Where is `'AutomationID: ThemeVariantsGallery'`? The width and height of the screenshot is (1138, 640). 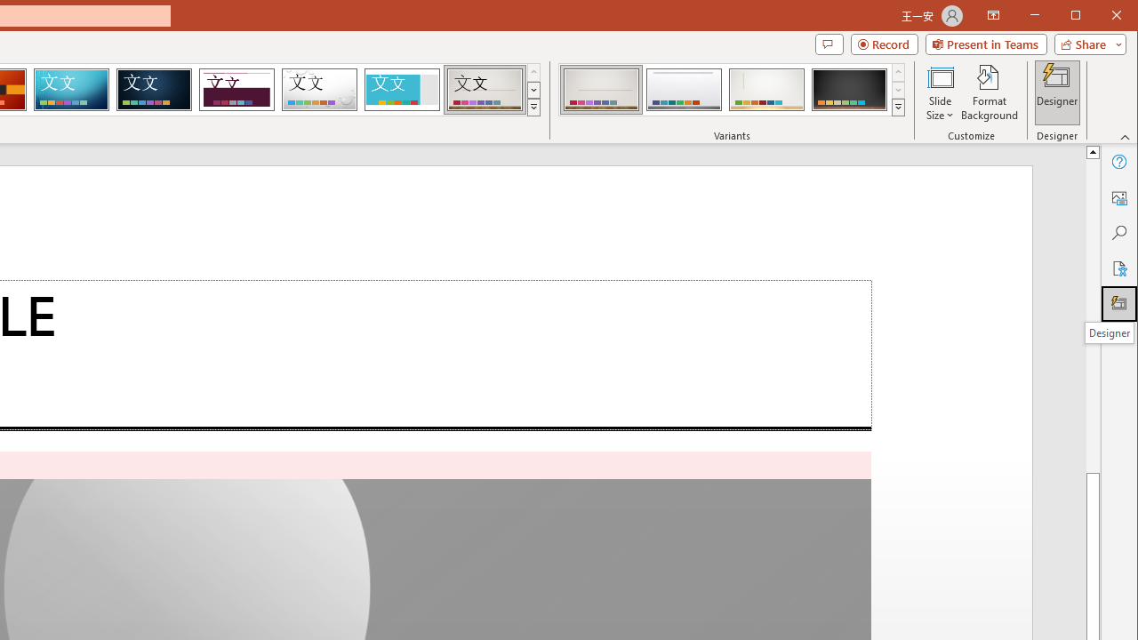 'AutomationID: ThemeVariantsGallery' is located at coordinates (733, 90).